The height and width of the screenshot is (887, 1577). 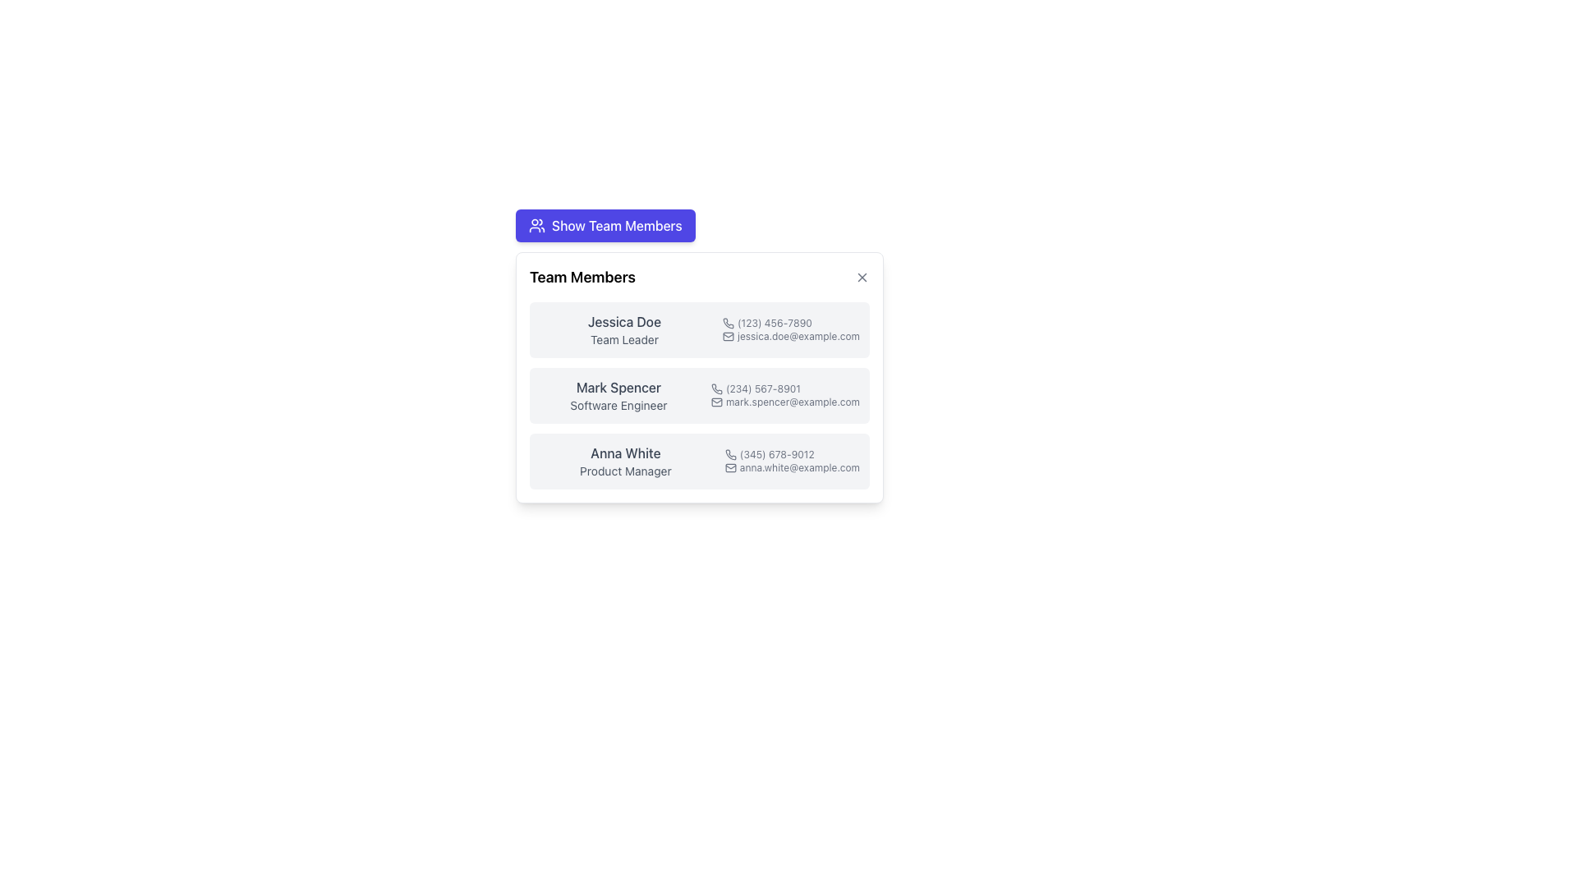 I want to click on the email icon located at the start of 'anna.white@example.com' in the third row of the 'Team Members' panel, so click(x=729, y=468).